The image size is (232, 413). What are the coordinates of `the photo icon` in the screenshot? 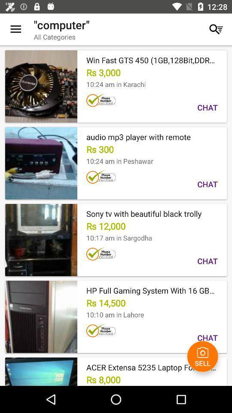 It's located at (202, 356).